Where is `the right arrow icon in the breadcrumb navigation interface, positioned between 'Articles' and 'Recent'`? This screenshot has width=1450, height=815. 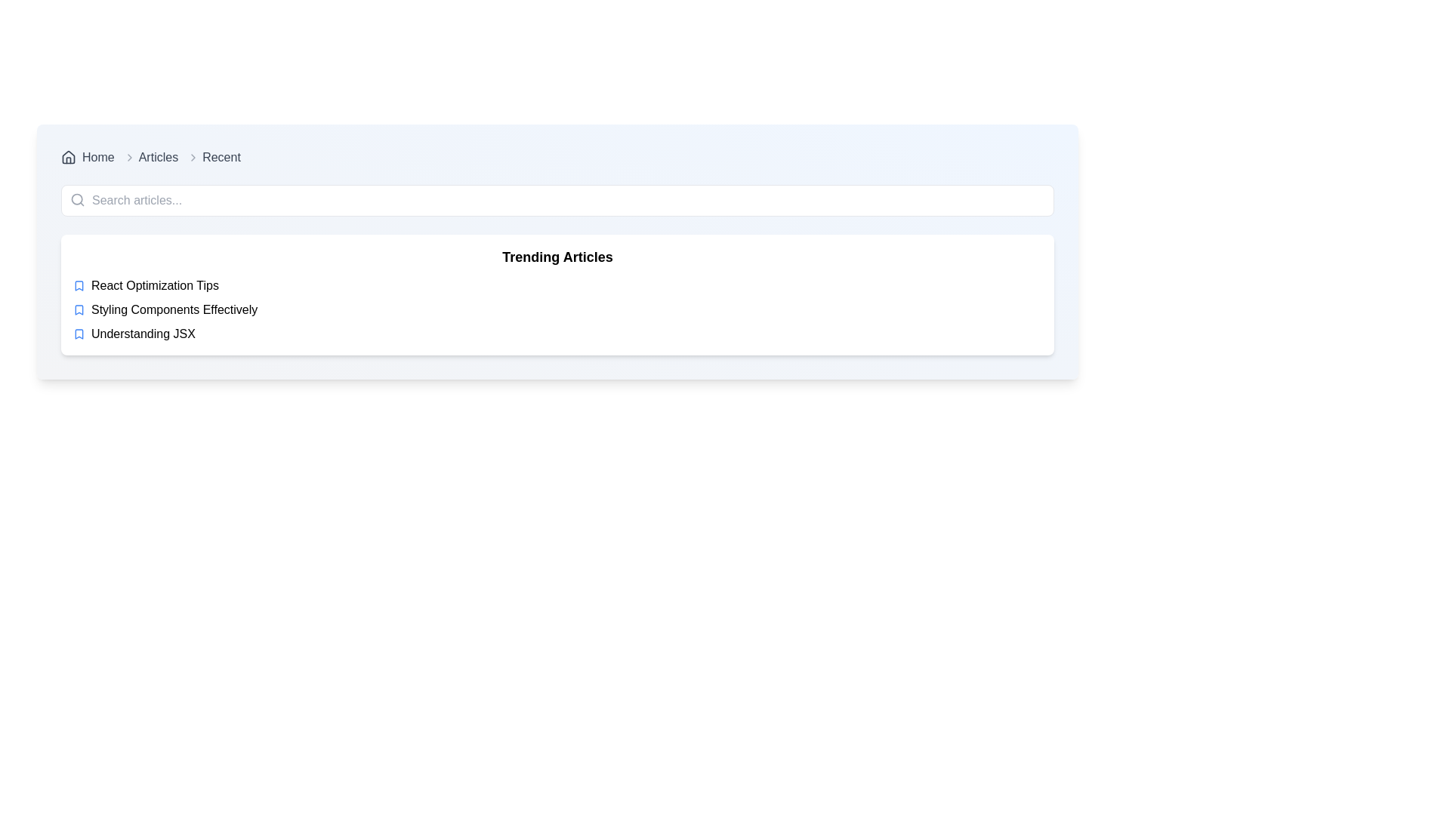 the right arrow icon in the breadcrumb navigation interface, positioned between 'Articles' and 'Recent' is located at coordinates (129, 157).